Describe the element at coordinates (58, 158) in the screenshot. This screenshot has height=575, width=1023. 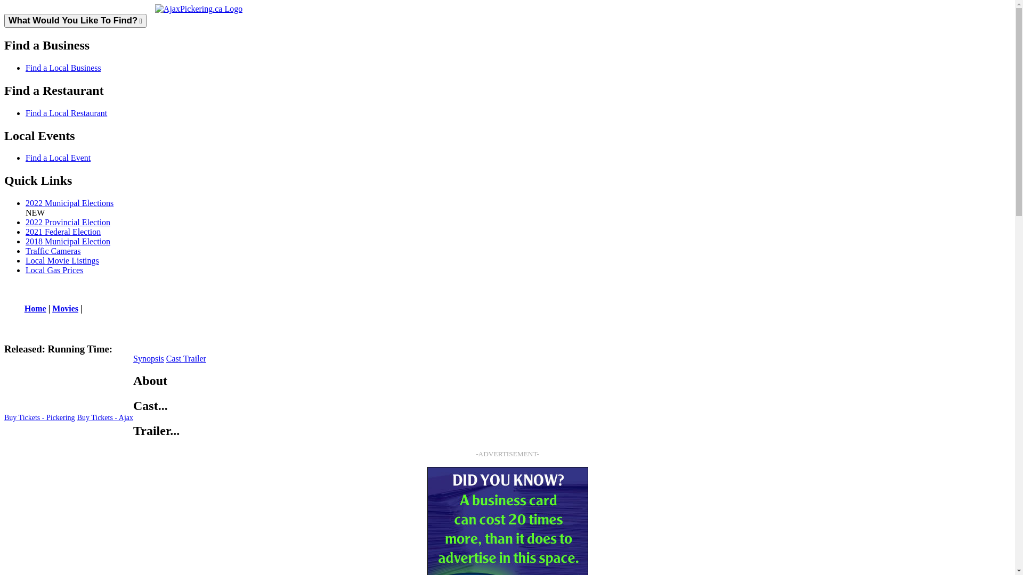
I see `'Find a Local Event'` at that location.